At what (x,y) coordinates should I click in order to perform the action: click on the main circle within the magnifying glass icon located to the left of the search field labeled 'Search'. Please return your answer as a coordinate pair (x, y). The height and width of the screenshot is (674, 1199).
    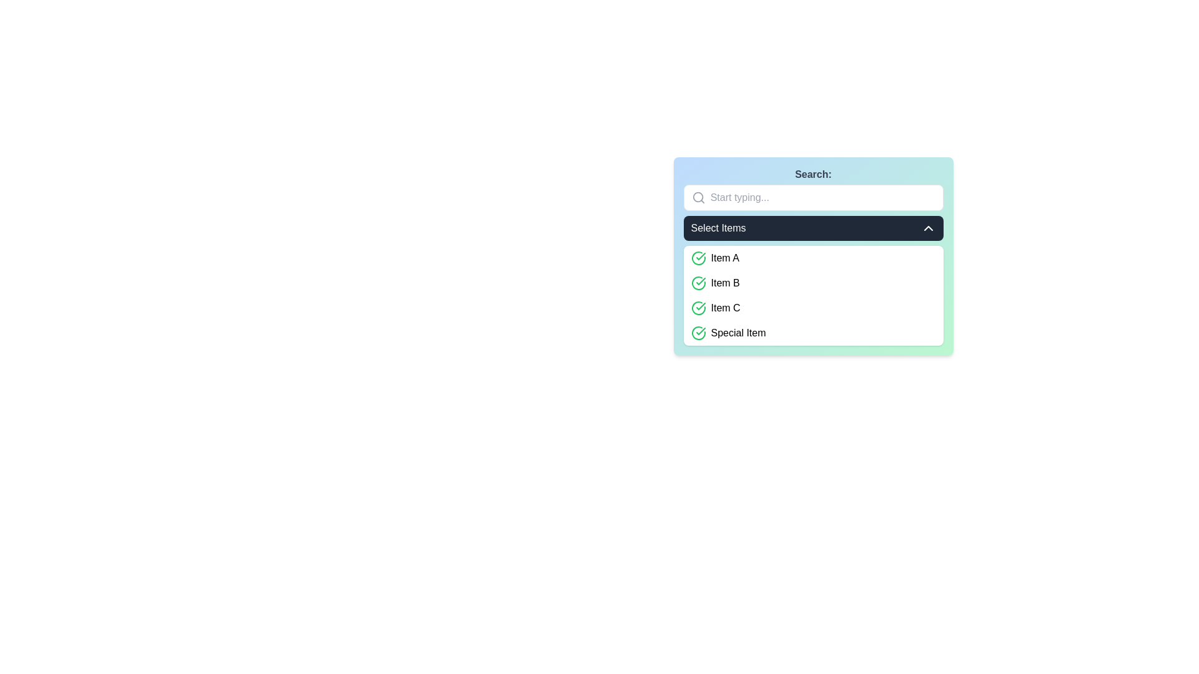
    Looking at the image, I should click on (697, 197).